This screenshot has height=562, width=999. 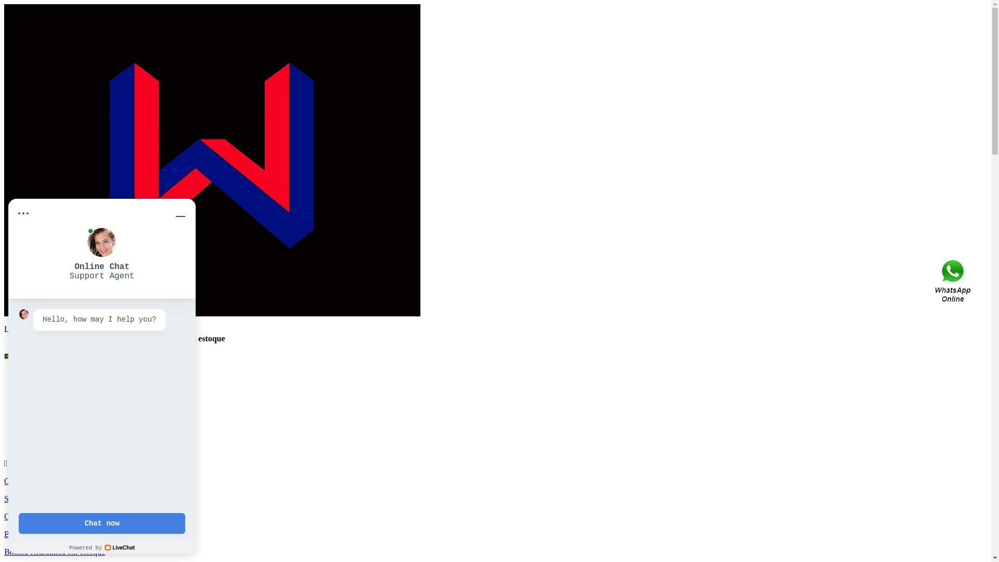 I want to click on 'Bombas de Engrenagem', so click(x=45, y=392).